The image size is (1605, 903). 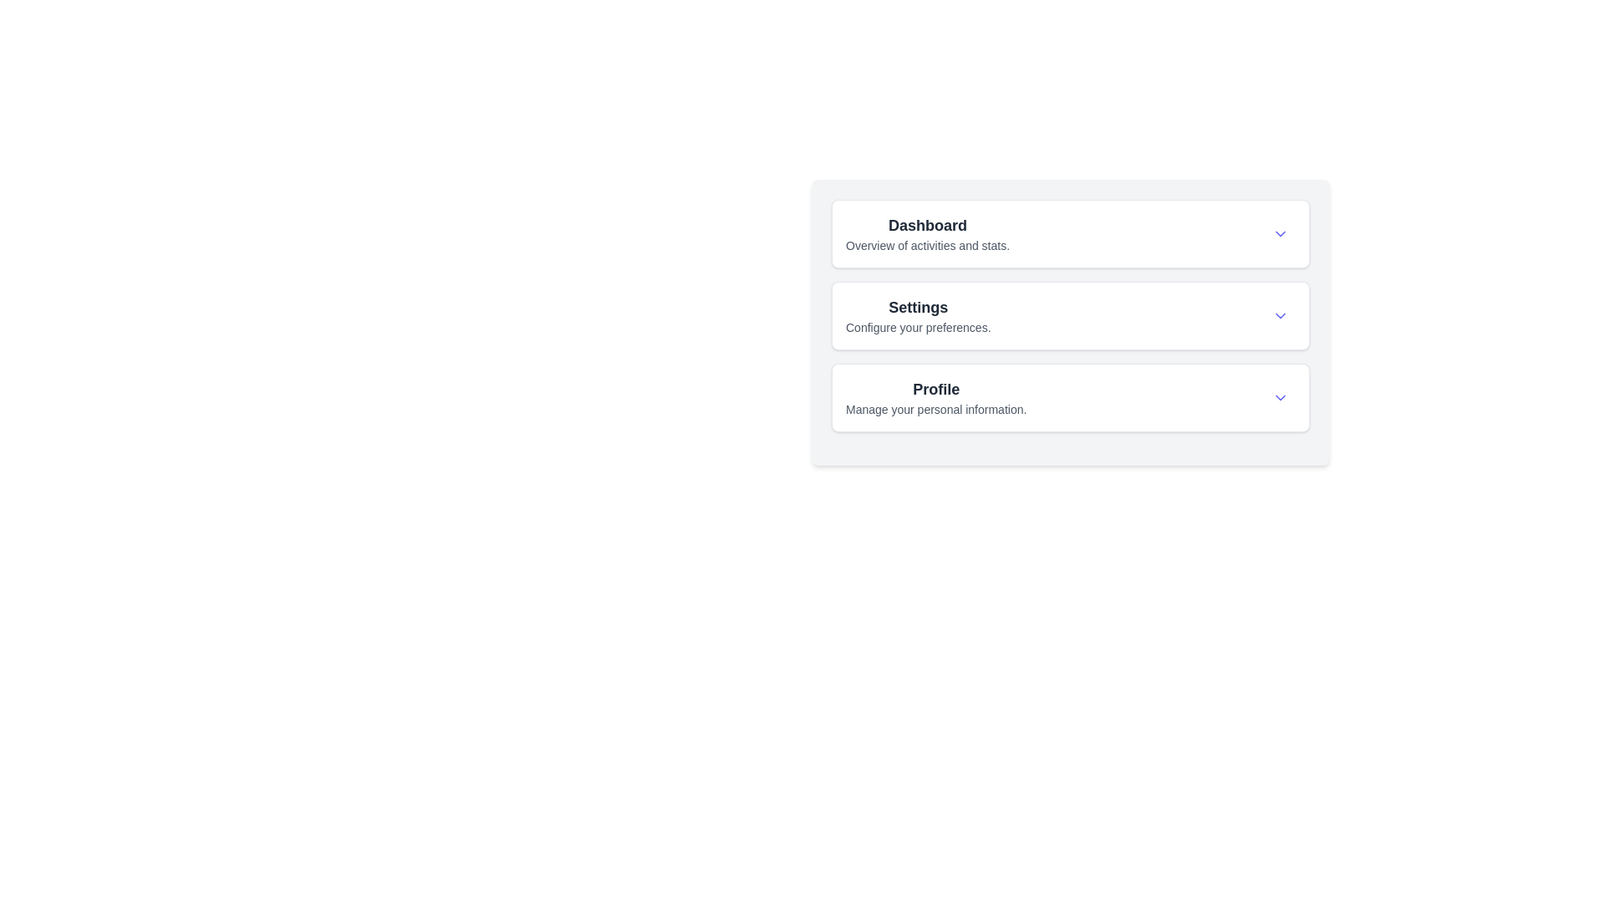 I want to click on the text label that says 'Configure your preferences.' which is styled in small gray font and located below the 'Settings' label in the 'Settings' section, so click(x=917, y=328).